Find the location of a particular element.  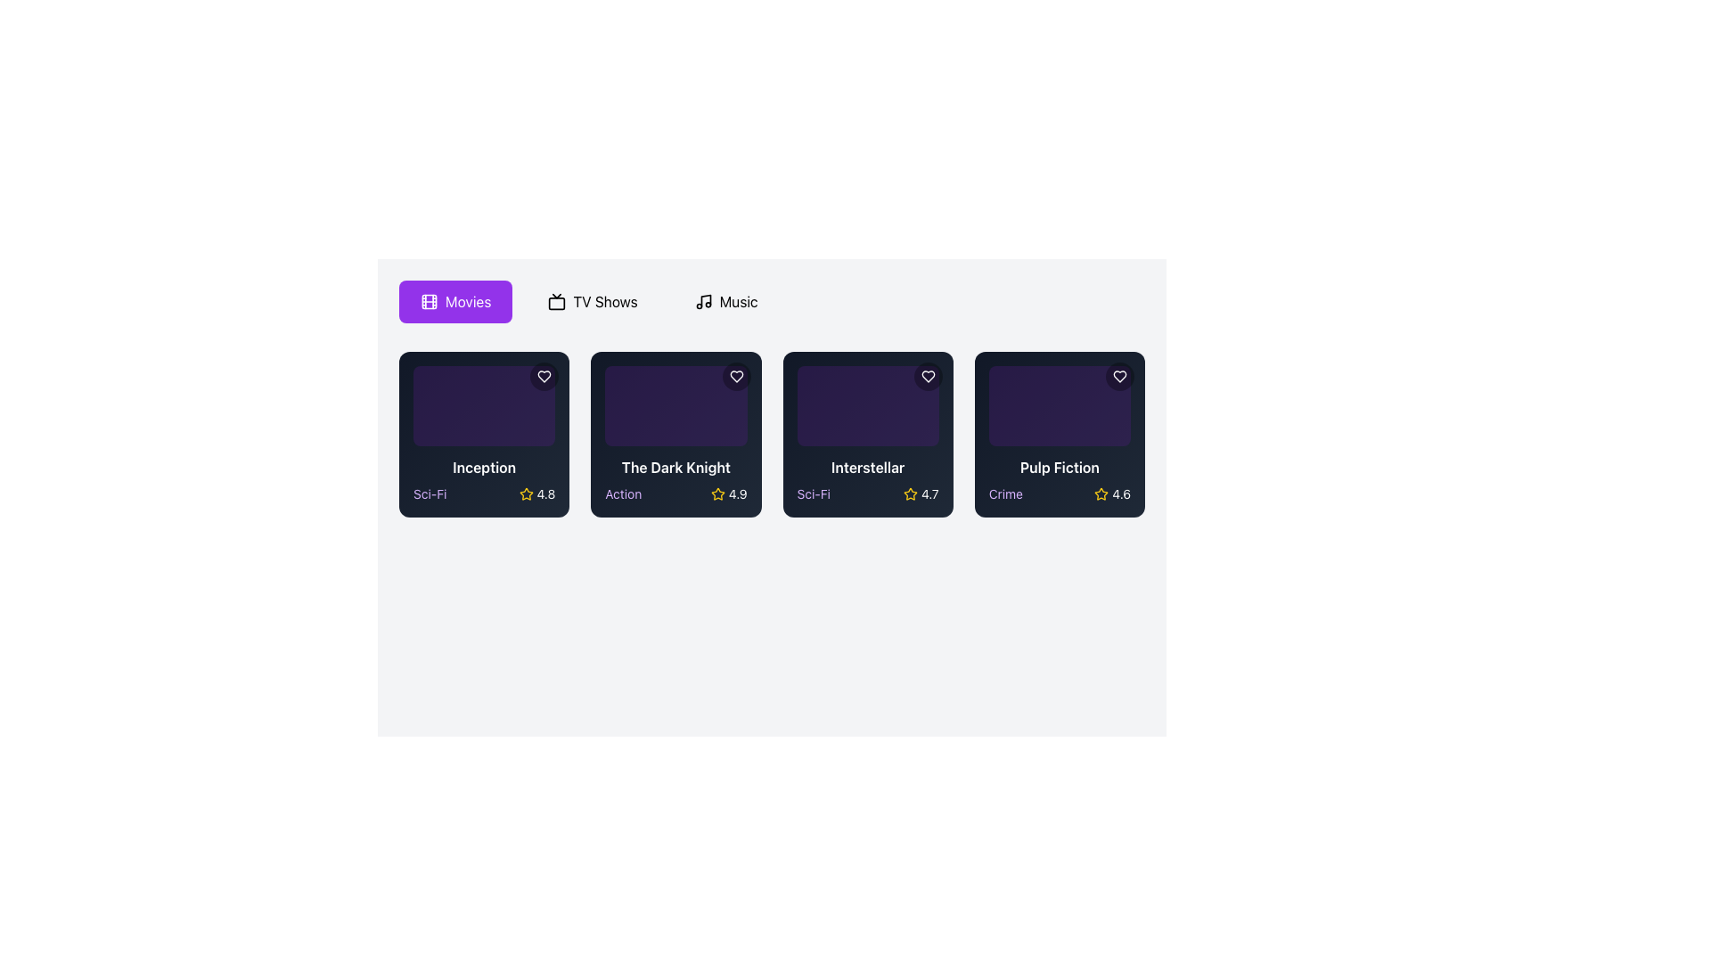

the movie display card showcasing its title, genre, and rating, located as the third card in a row of four cards, between 'The Dark Knight' and 'Pulp Fiction' is located at coordinates (868, 434).